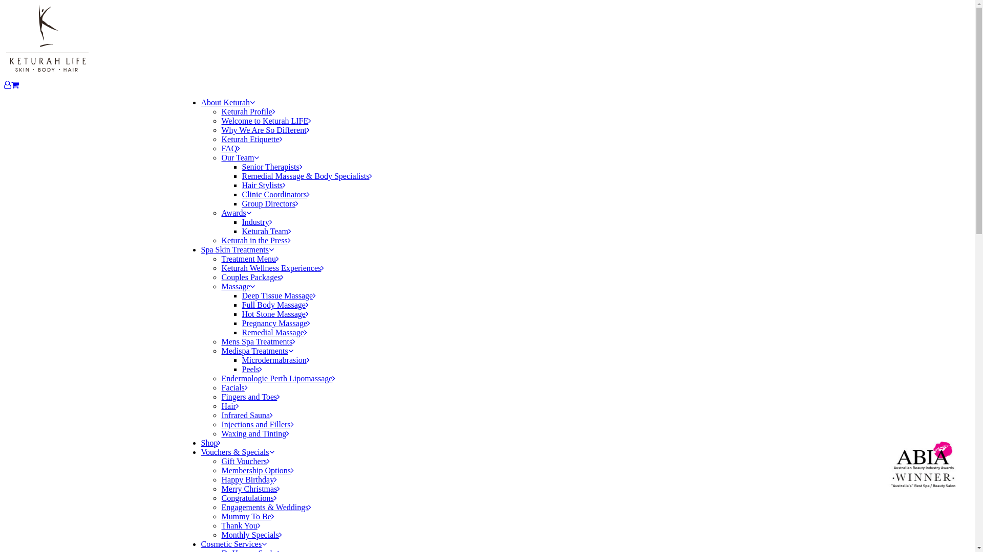 Image resolution: width=983 pixels, height=552 pixels. I want to click on 'Remedial Massage', so click(274, 332).